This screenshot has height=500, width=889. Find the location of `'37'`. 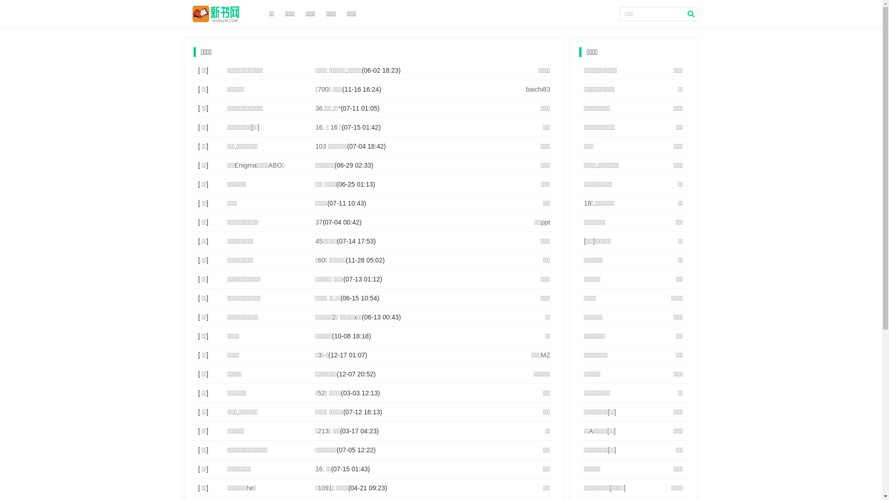

'37' is located at coordinates (319, 222).